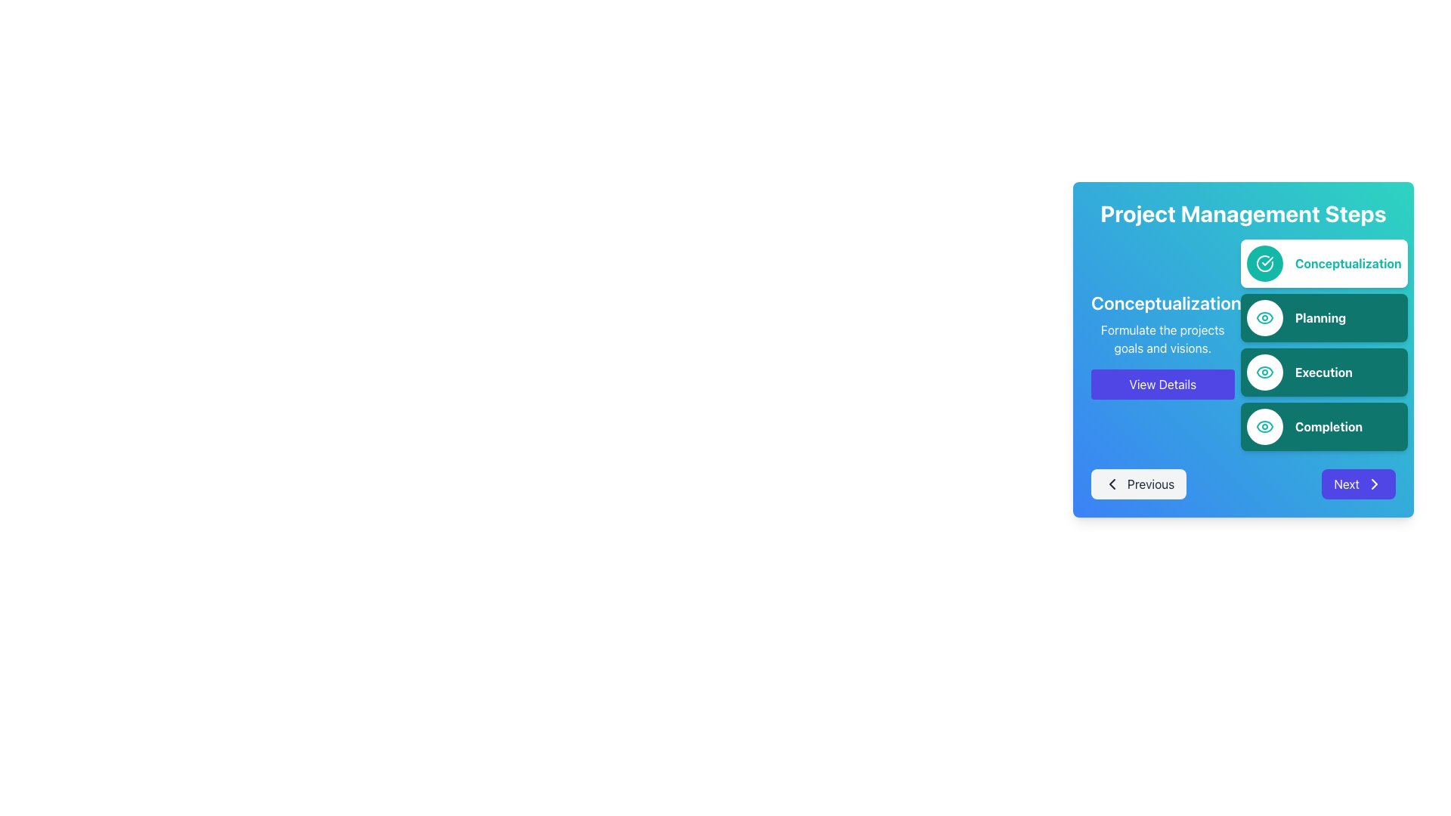  I want to click on the 'Next' button in the navigational control located at the bottom of the 'Project Management Steps' panel to advance to the following step, so click(1243, 484).